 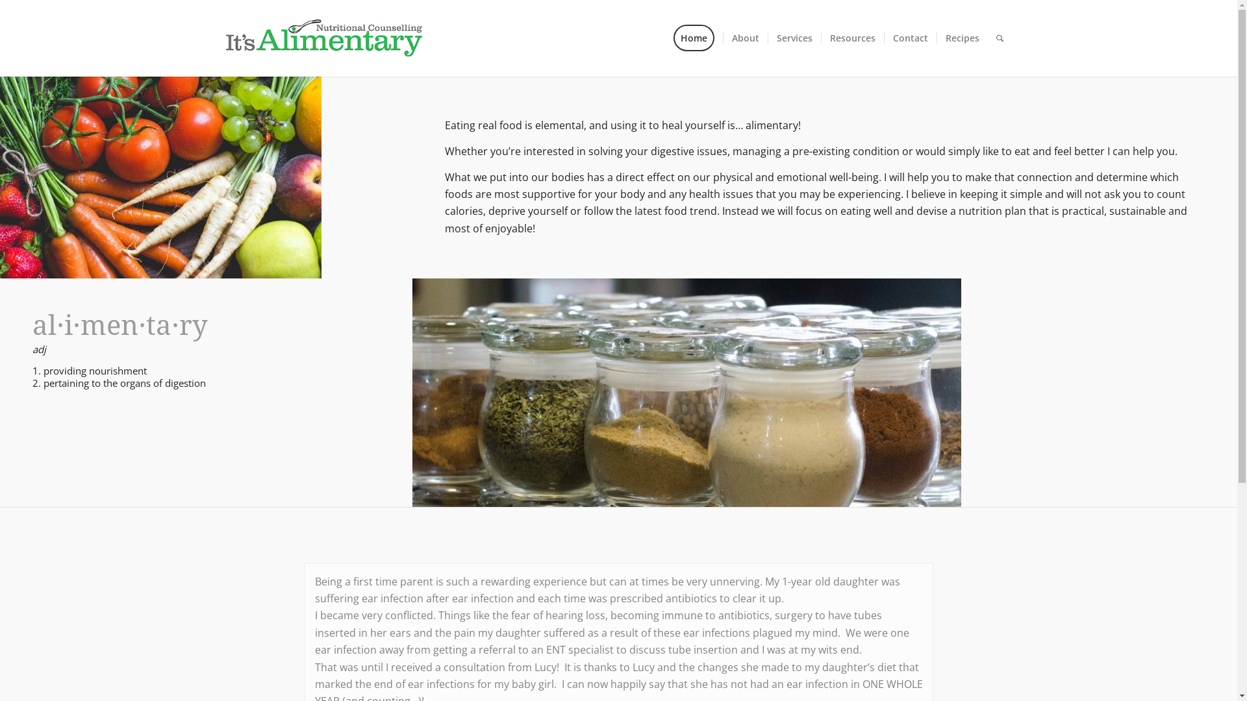 I want to click on 'Contact', so click(x=909, y=37).